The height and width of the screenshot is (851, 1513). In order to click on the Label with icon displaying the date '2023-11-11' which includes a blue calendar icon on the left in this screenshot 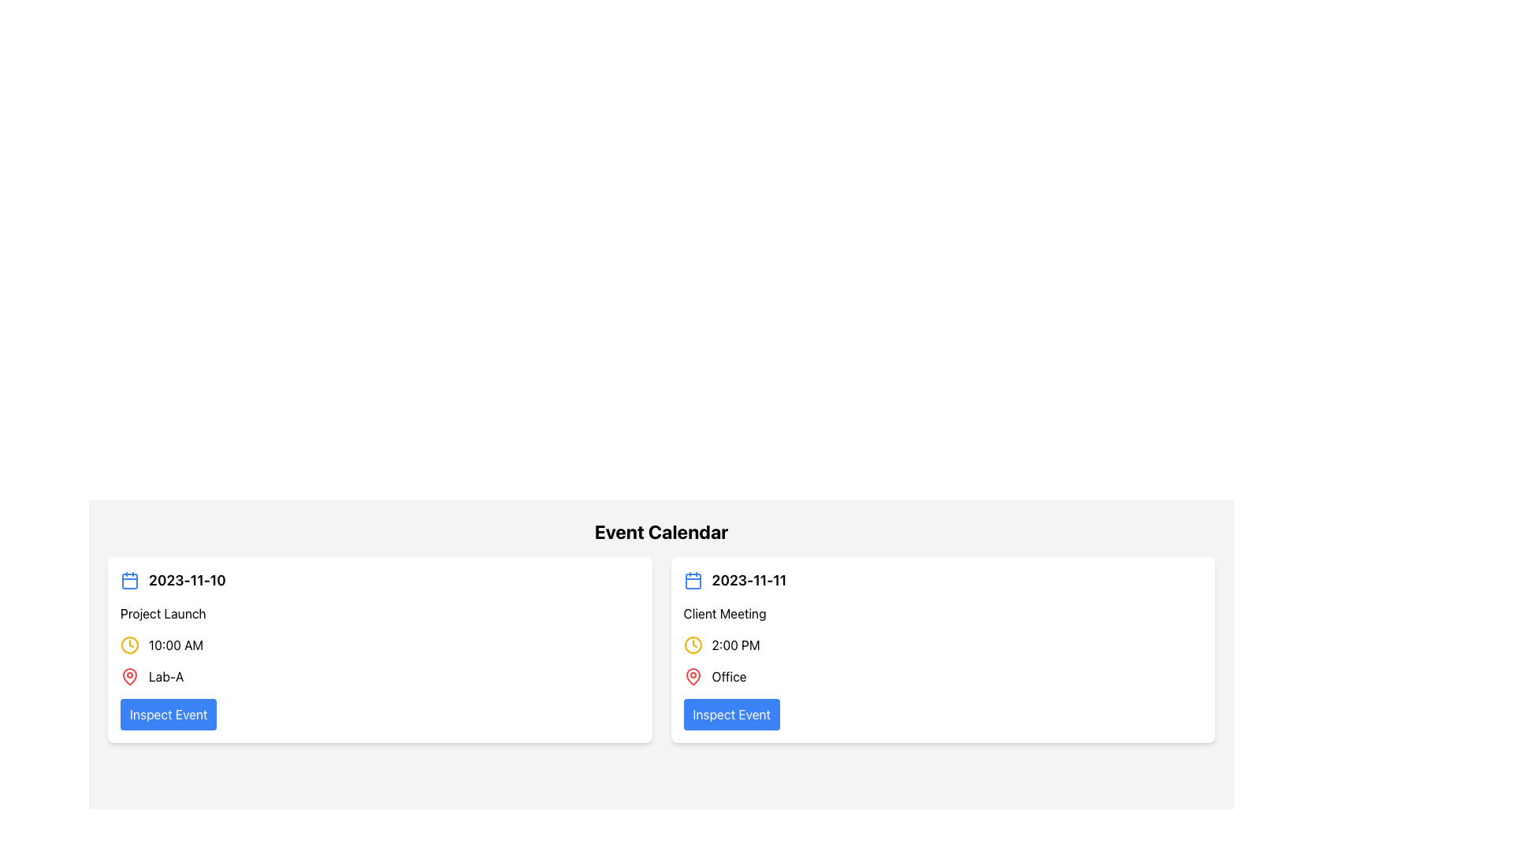, I will do `click(734, 580)`.